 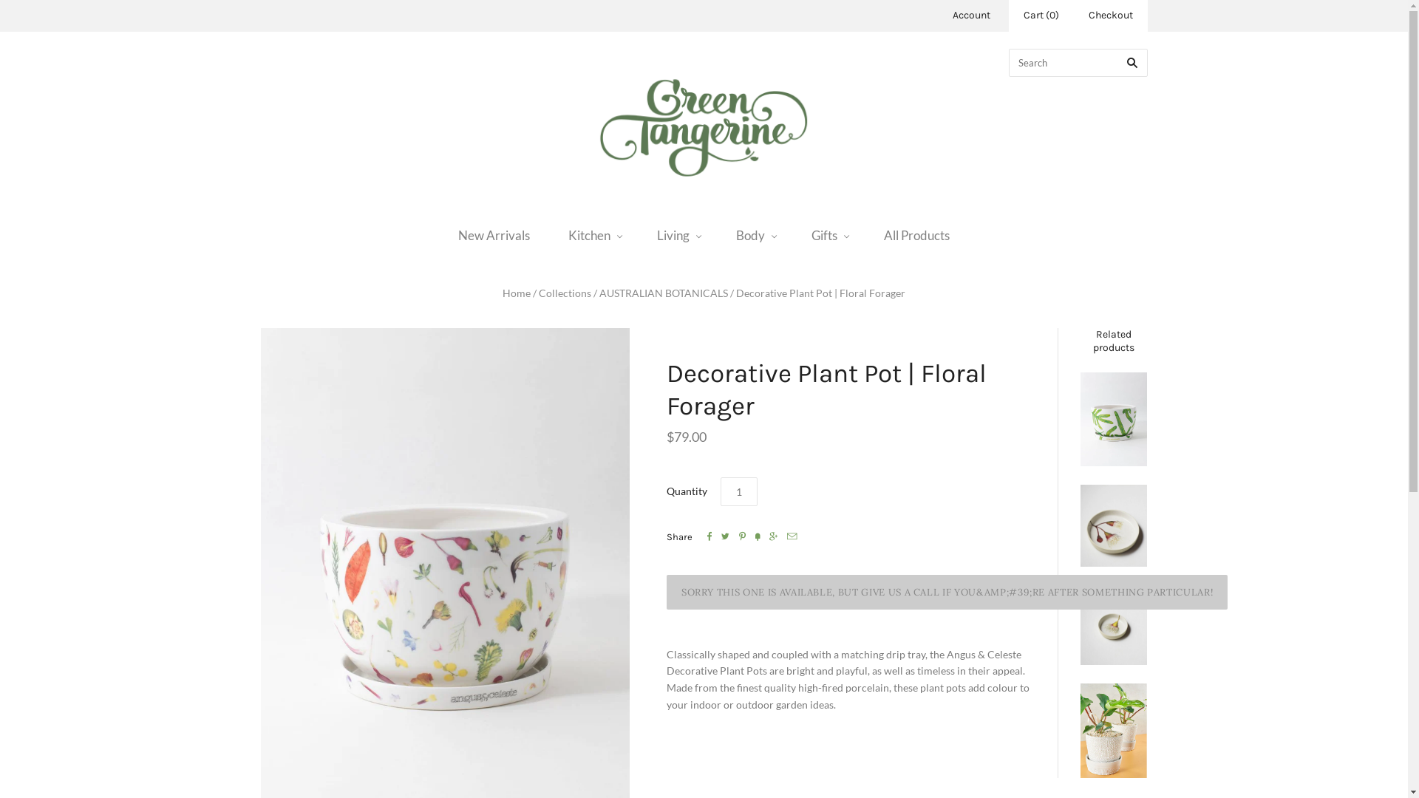 I want to click on 'Fairy Floss Gum Server Bowl', so click(x=1114, y=525).